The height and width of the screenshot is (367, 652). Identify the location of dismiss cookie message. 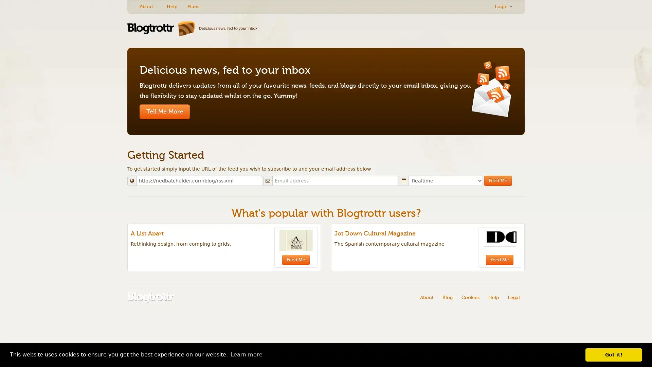
(614, 354).